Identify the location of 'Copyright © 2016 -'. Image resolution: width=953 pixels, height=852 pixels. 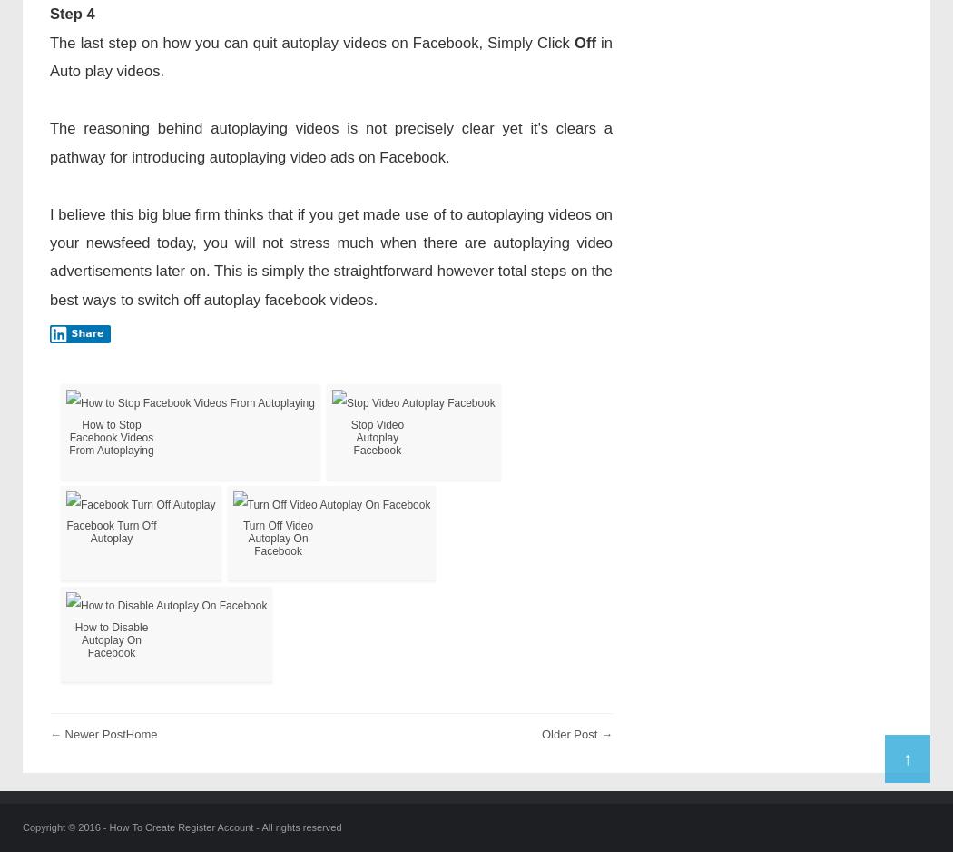
(64, 825).